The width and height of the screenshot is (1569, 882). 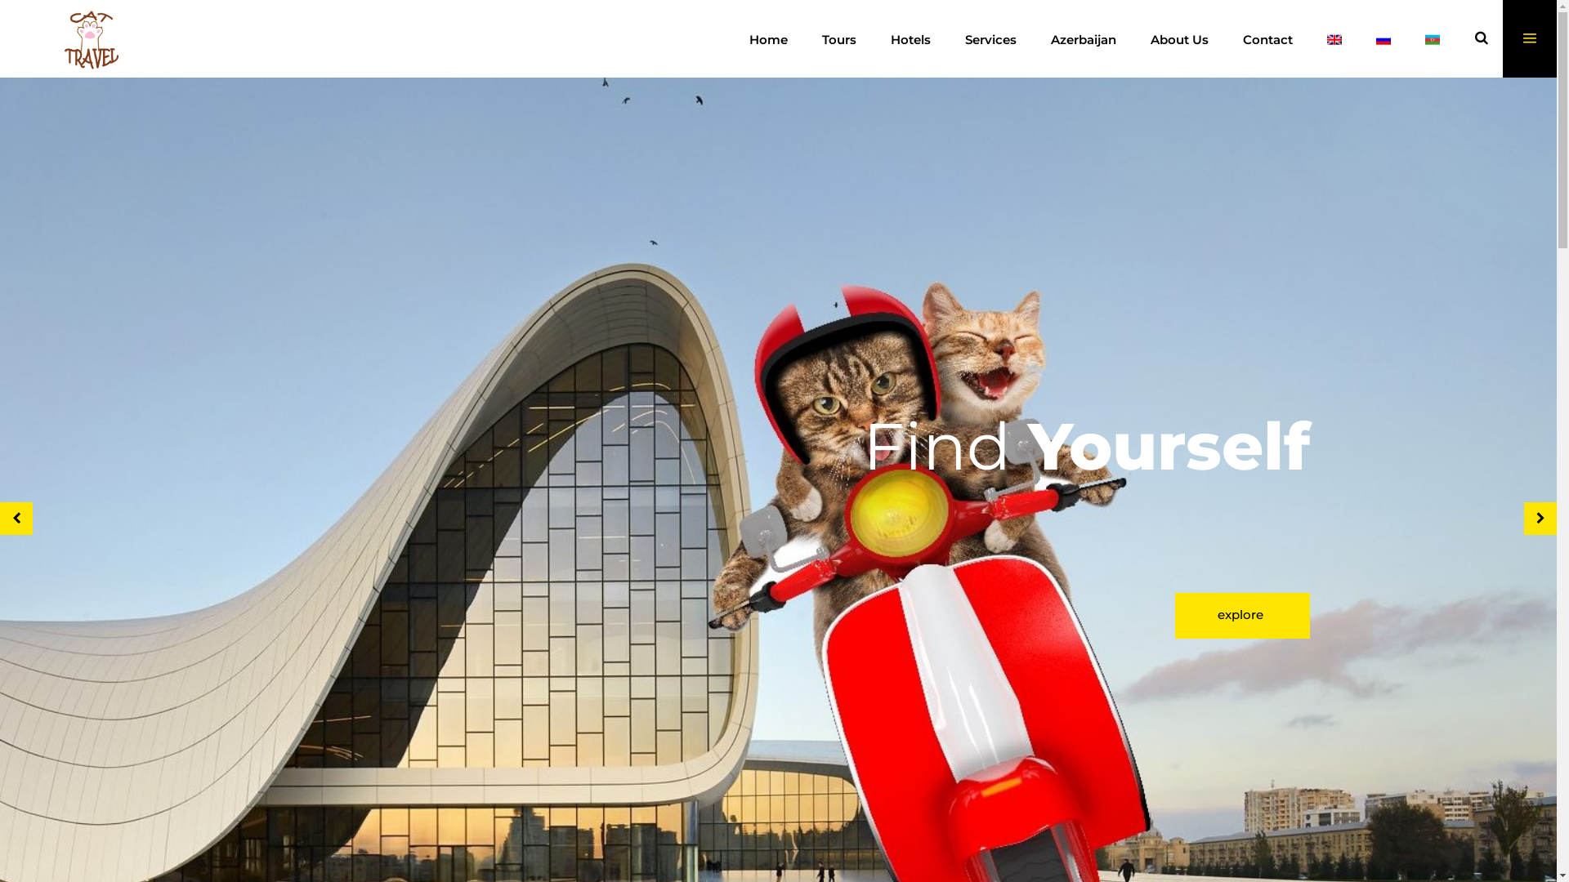 I want to click on 'Home', so click(x=731, y=38).